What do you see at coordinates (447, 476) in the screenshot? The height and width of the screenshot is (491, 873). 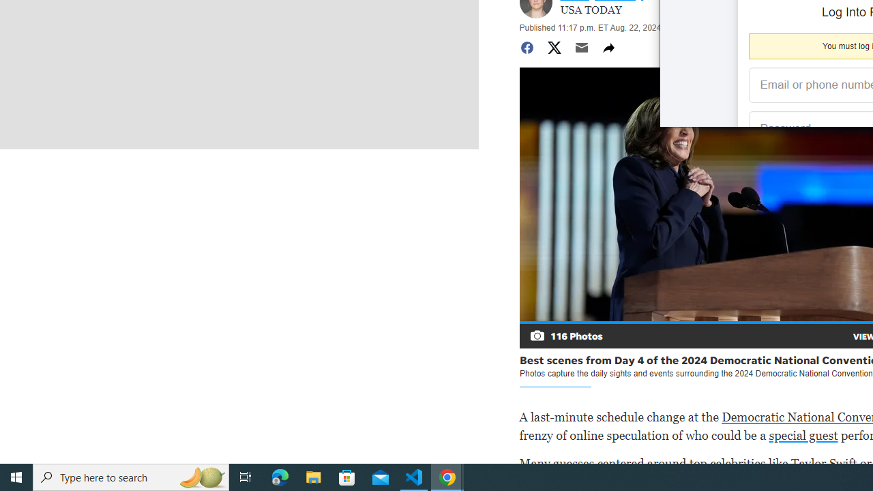 I see `'Google Chrome - 2 running windows'` at bounding box center [447, 476].